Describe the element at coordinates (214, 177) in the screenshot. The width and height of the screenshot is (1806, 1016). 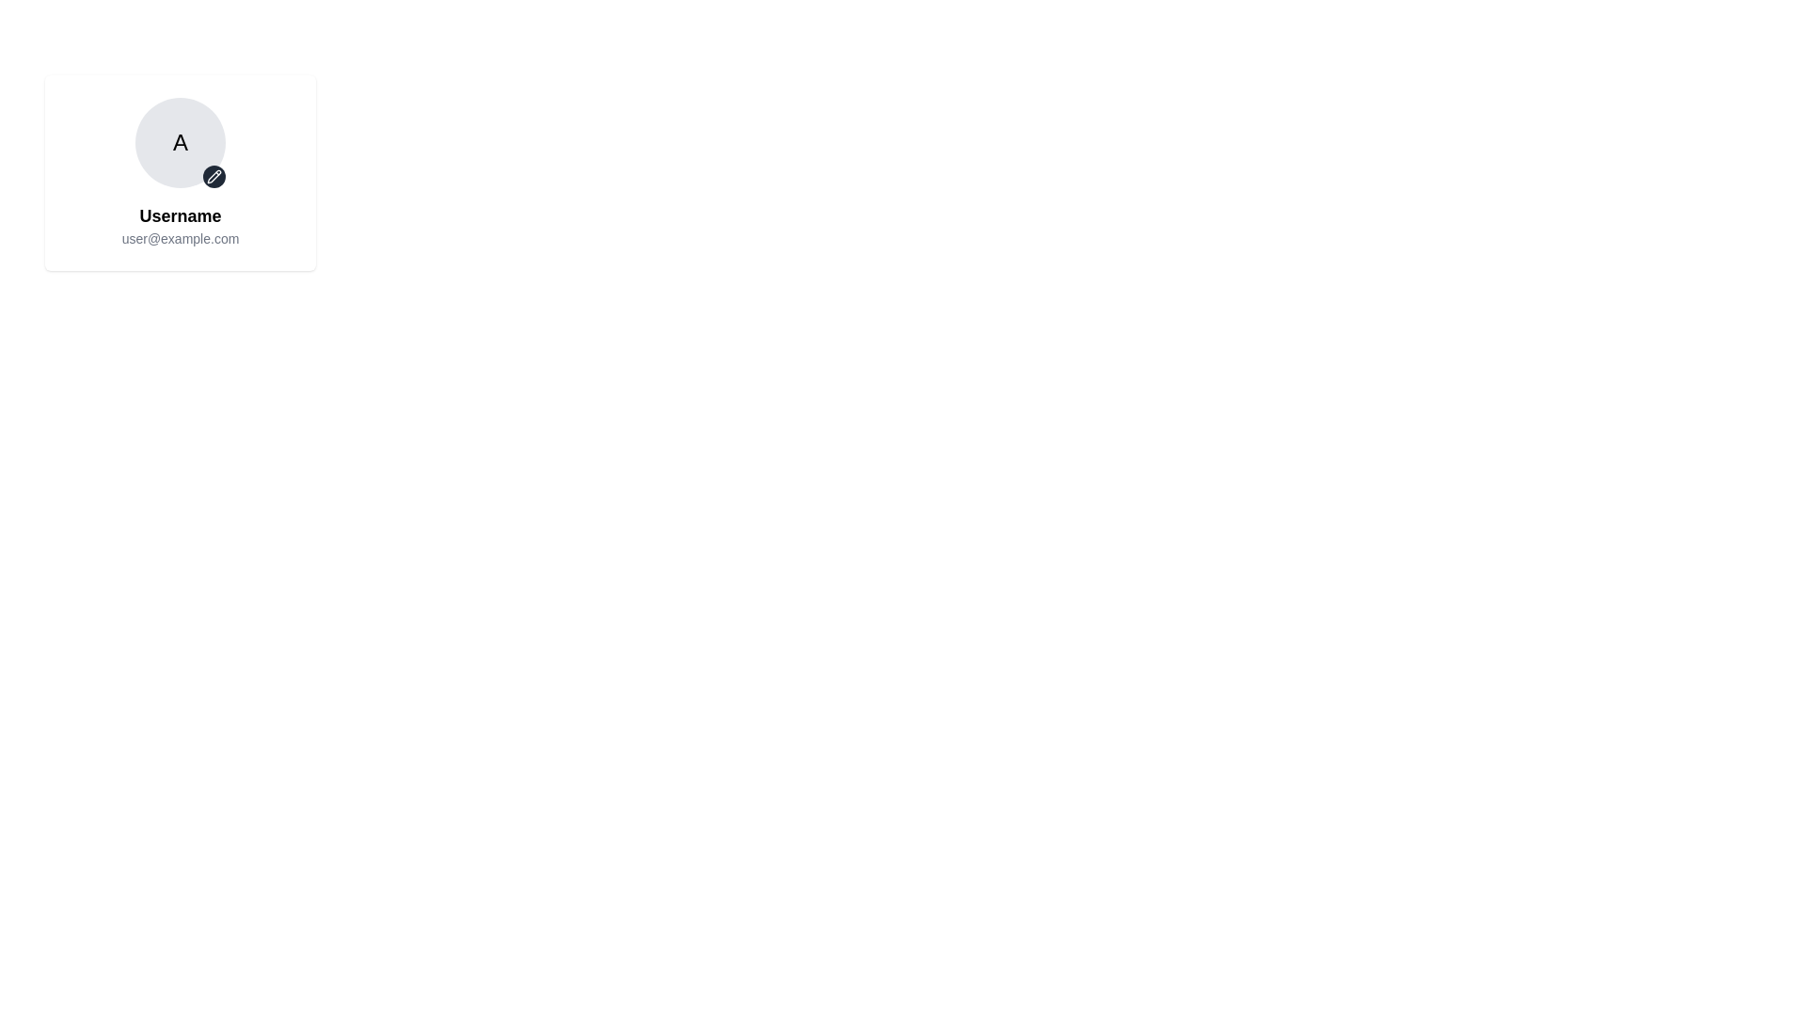
I see `the pencil icon located inside the circular button at the lower-right corner of the user profile card to initiate editing options` at that location.